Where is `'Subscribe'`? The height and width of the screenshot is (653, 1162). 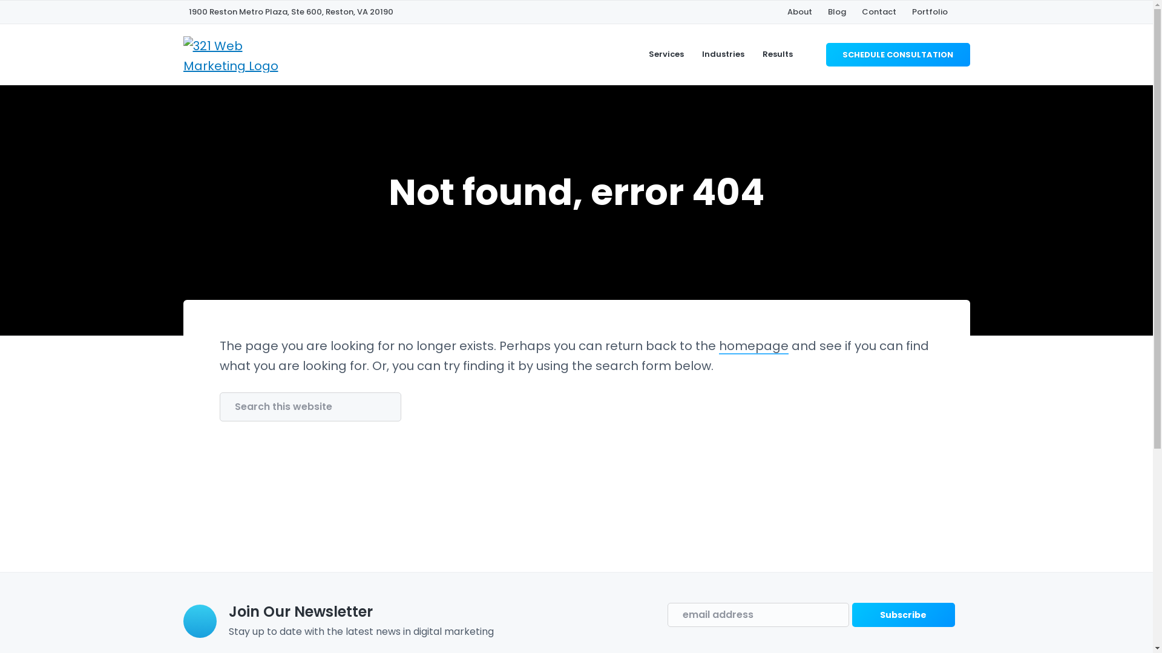 'Subscribe' is located at coordinates (851, 615).